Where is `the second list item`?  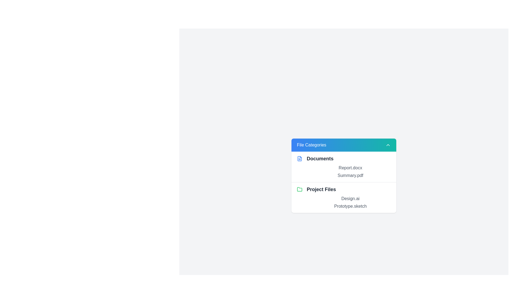 the second list item is located at coordinates (343, 189).